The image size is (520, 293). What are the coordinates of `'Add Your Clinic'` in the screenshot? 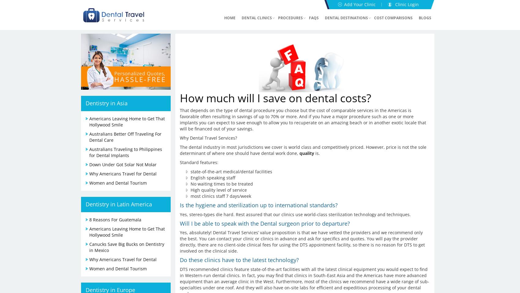 It's located at (359, 4).